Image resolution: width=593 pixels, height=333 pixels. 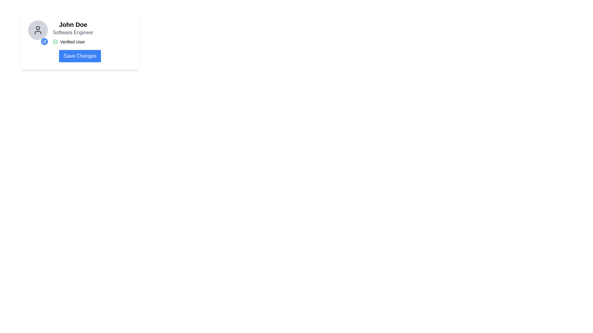 I want to click on the decorative vector graphic within the icon located immediately to the left of the 'Verified User' badge under the name 'John Doe', so click(x=44, y=42).